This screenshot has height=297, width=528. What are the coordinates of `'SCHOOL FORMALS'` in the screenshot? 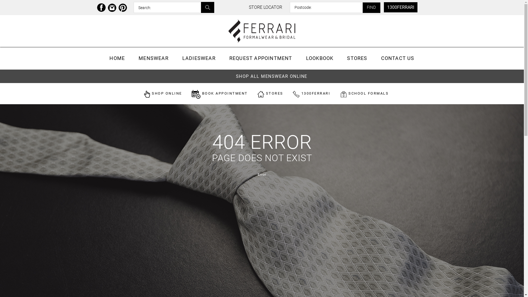 It's located at (360, 93).